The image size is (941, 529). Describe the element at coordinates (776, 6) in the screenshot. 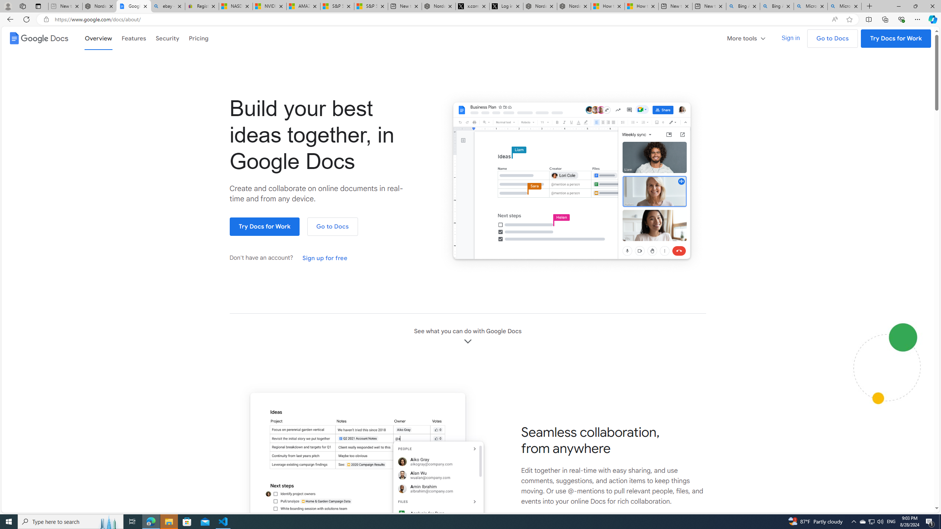

I see `'Bing AI - Search'` at that location.